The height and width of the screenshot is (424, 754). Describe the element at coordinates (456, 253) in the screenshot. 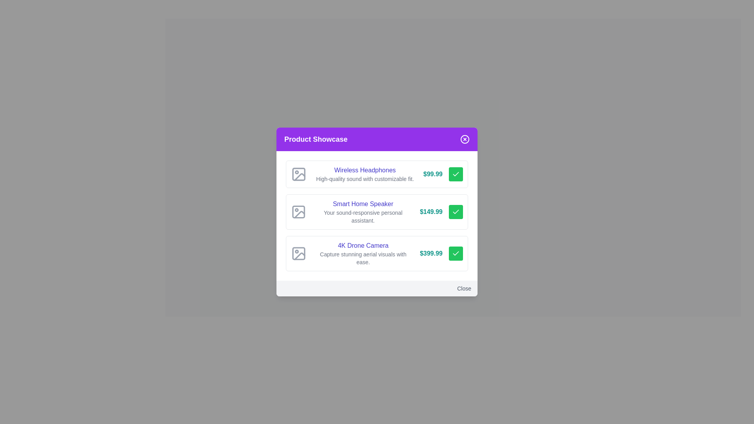

I see `the green rectangular button with a white checkmark icon, located on the rightmost side of the row for the '4K Drone Camera' product in the 'Product Showcase' modal dialog, to confirm or select the item` at that location.